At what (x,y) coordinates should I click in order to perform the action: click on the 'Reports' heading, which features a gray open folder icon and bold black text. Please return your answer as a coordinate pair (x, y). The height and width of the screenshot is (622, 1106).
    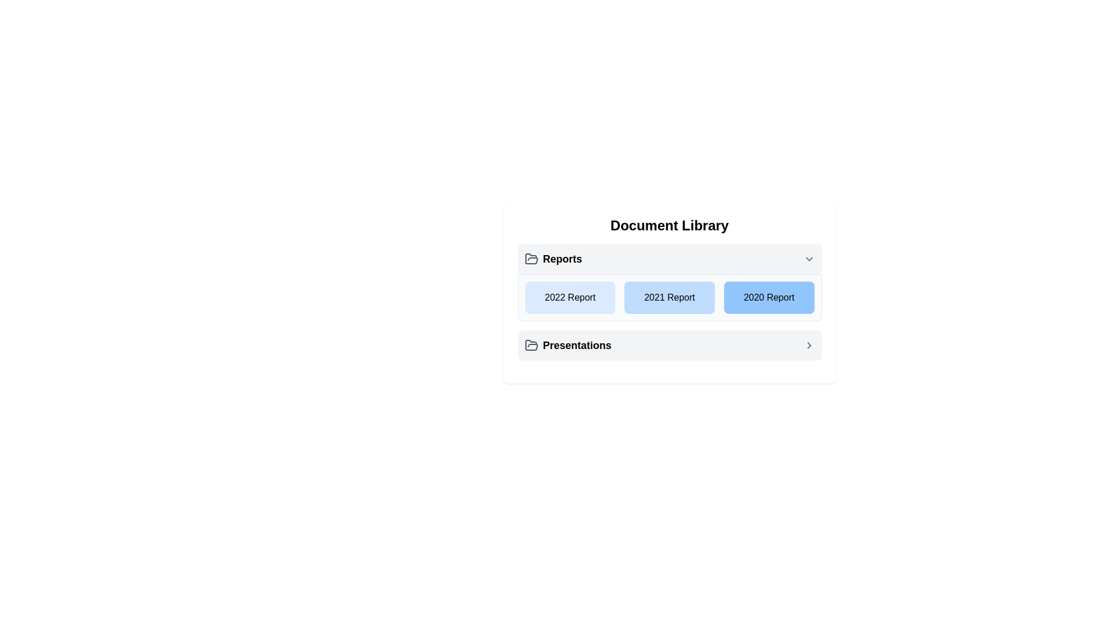
    Looking at the image, I should click on (553, 259).